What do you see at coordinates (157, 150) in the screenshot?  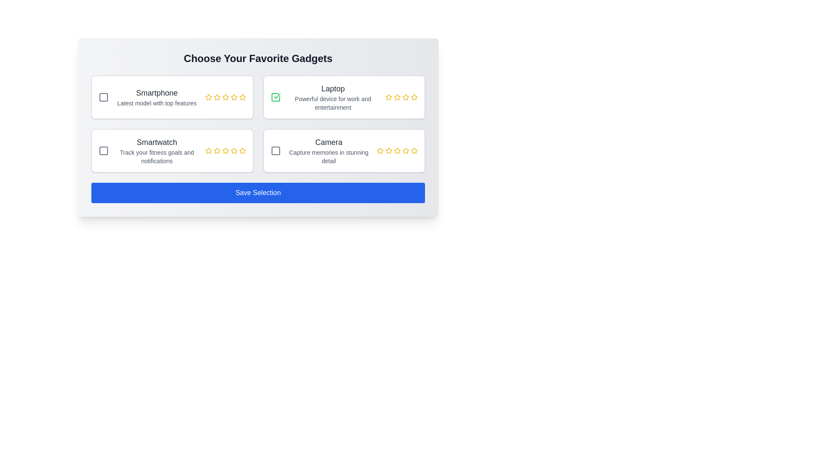 I see `text block that describes the gadget named 'Smartwatch', which includes the main heading 'Smartwatch' and the subtitle 'Track your fitness goals and notifications'. This text block is located in the lower-left quadrant of the grid layout, specifically in the second row, first column` at bounding box center [157, 150].